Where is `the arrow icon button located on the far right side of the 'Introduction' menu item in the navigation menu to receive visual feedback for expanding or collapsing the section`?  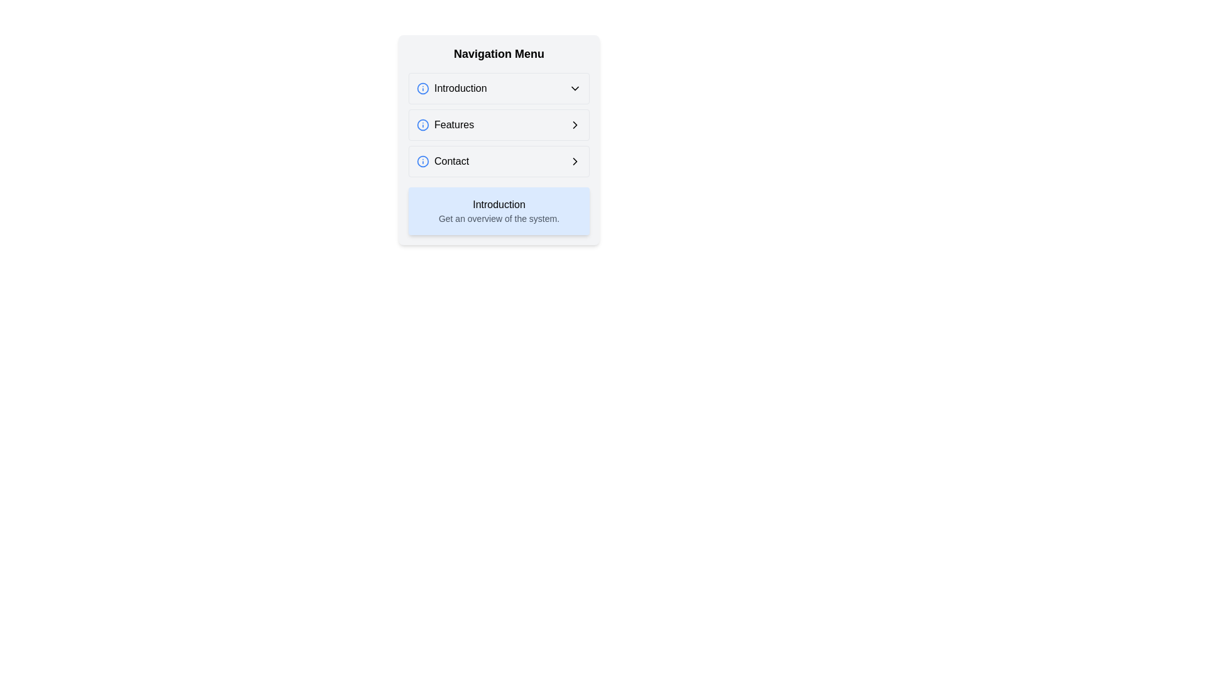
the arrow icon button located on the far right side of the 'Introduction' menu item in the navigation menu to receive visual feedback for expanding or collapsing the section is located at coordinates (575, 88).